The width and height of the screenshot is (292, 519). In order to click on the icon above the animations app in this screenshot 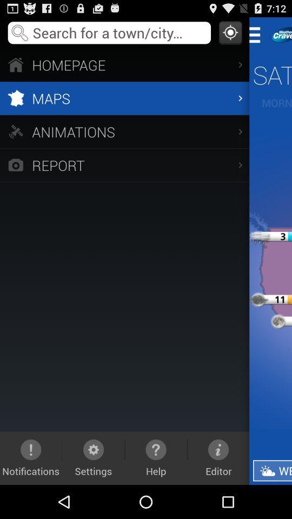, I will do `click(124, 98)`.